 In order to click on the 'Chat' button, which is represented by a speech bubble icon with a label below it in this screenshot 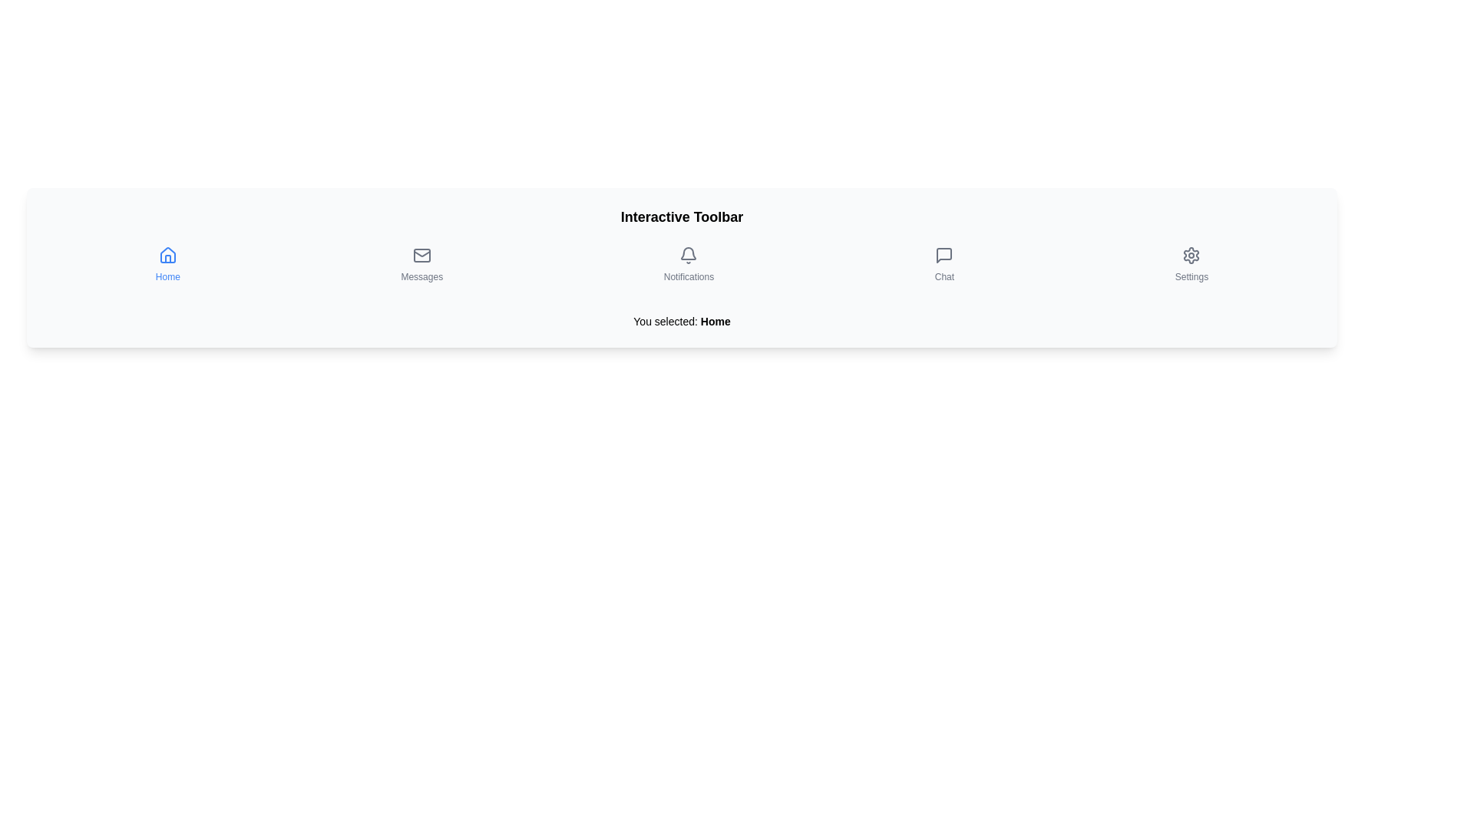, I will do `click(944, 263)`.